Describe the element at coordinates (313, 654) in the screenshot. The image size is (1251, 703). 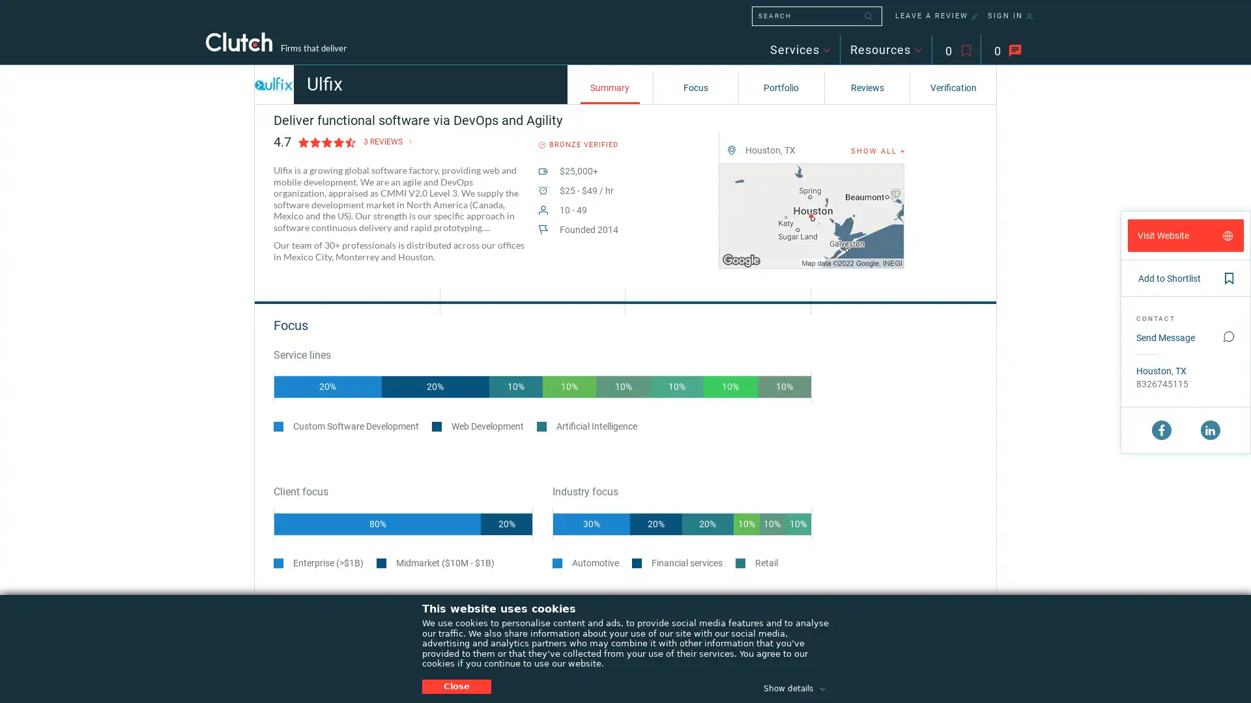
I see `30%` at that location.